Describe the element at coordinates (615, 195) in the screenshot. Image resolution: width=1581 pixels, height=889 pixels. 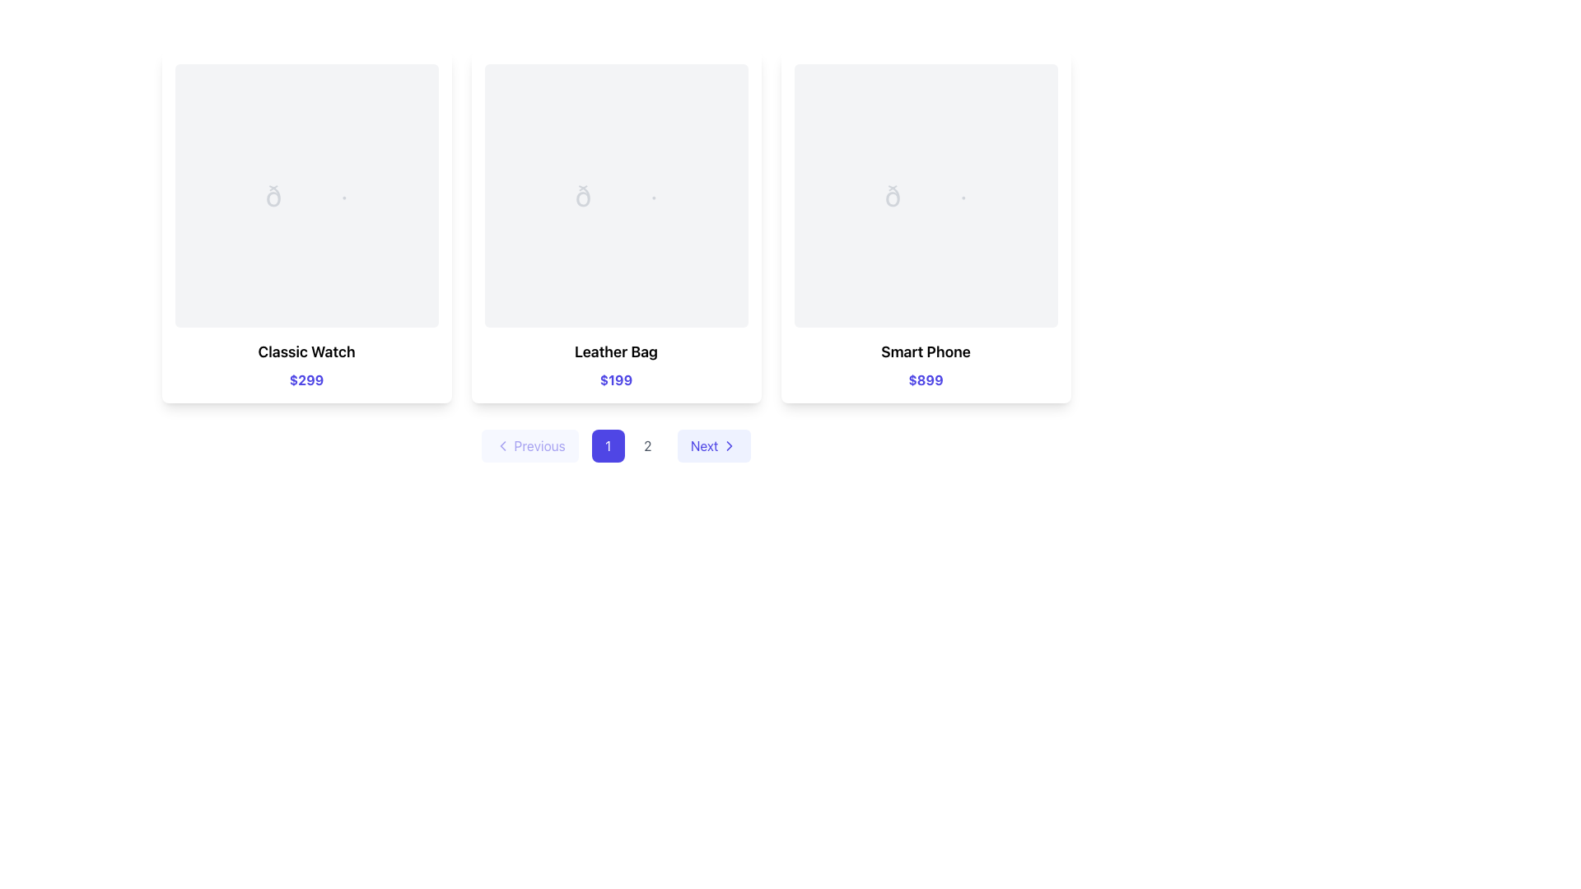
I see `additional information for the image placeholder area with a gray document icon in the 'Leather Bag' card` at that location.